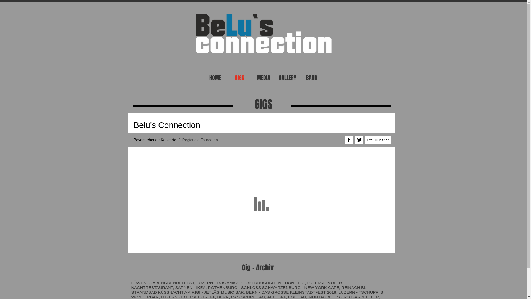  What do you see at coordinates (251, 78) in the screenshot?
I see `'MEDIA'` at bounding box center [251, 78].